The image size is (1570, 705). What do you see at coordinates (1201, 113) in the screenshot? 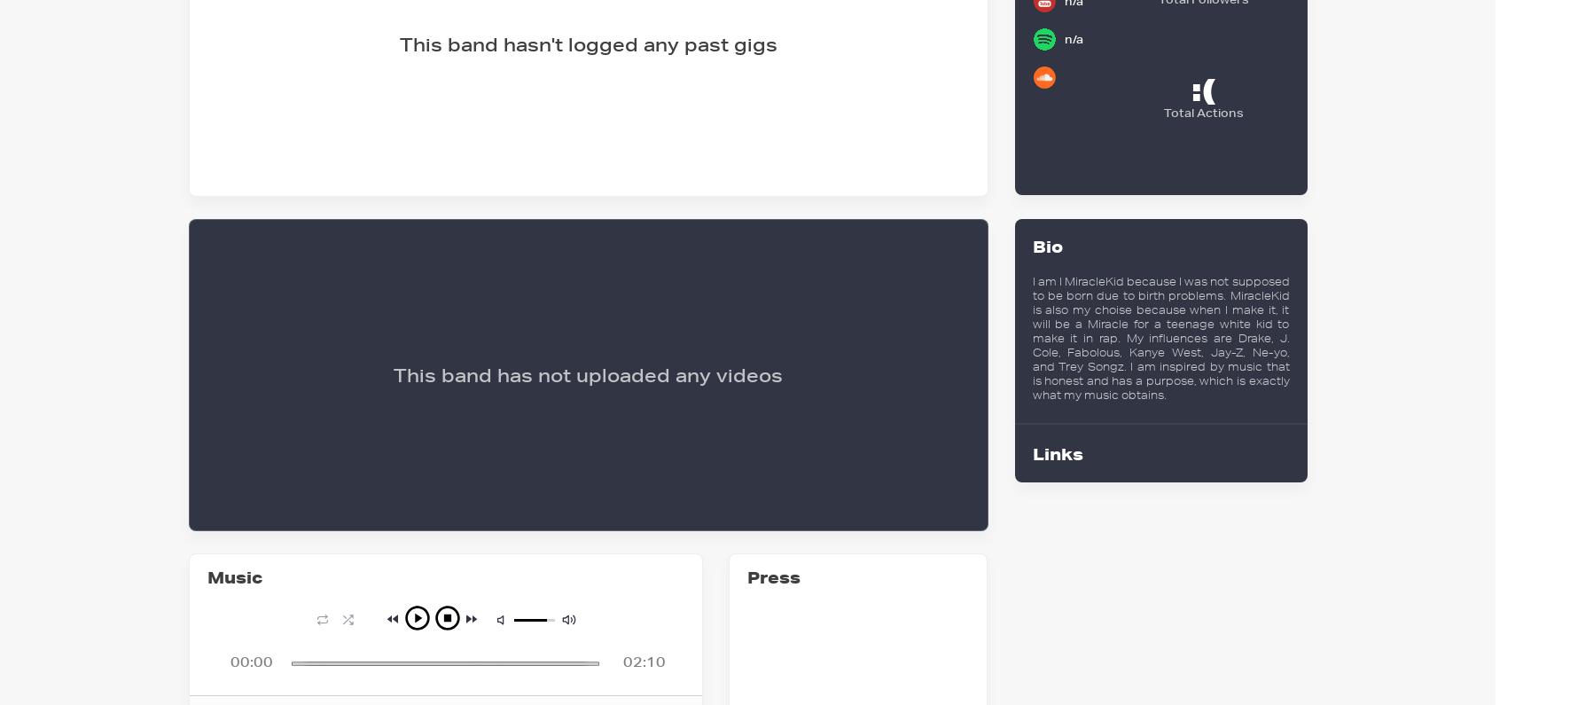
I see `'Total Actions'` at bounding box center [1201, 113].